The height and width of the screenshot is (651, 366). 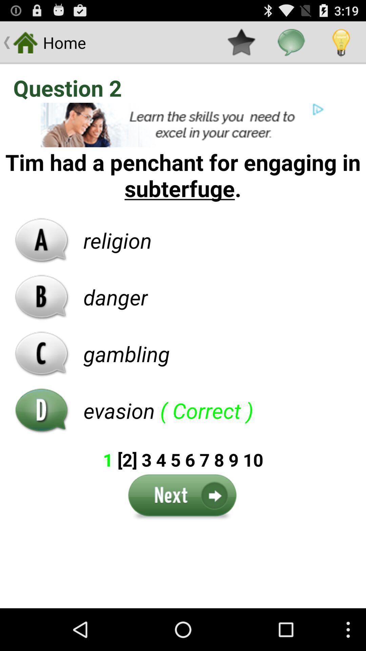 What do you see at coordinates (241, 42) in the screenshot?
I see `item above question 2` at bounding box center [241, 42].